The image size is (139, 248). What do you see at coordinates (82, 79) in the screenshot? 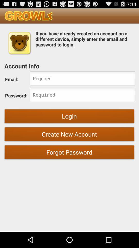
I see `email` at bounding box center [82, 79].